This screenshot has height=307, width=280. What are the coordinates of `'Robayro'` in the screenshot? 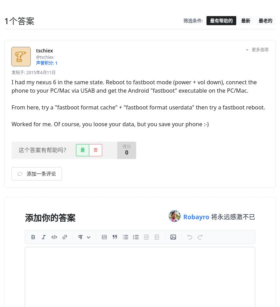 It's located at (197, 216).